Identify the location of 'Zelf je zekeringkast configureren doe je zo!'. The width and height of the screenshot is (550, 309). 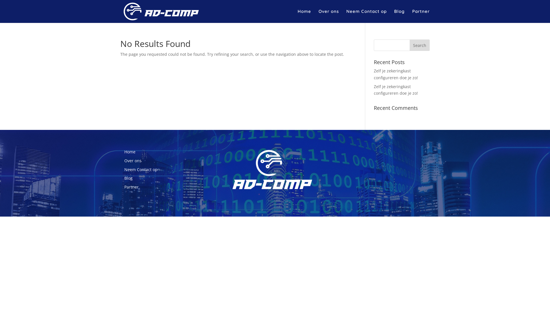
(396, 90).